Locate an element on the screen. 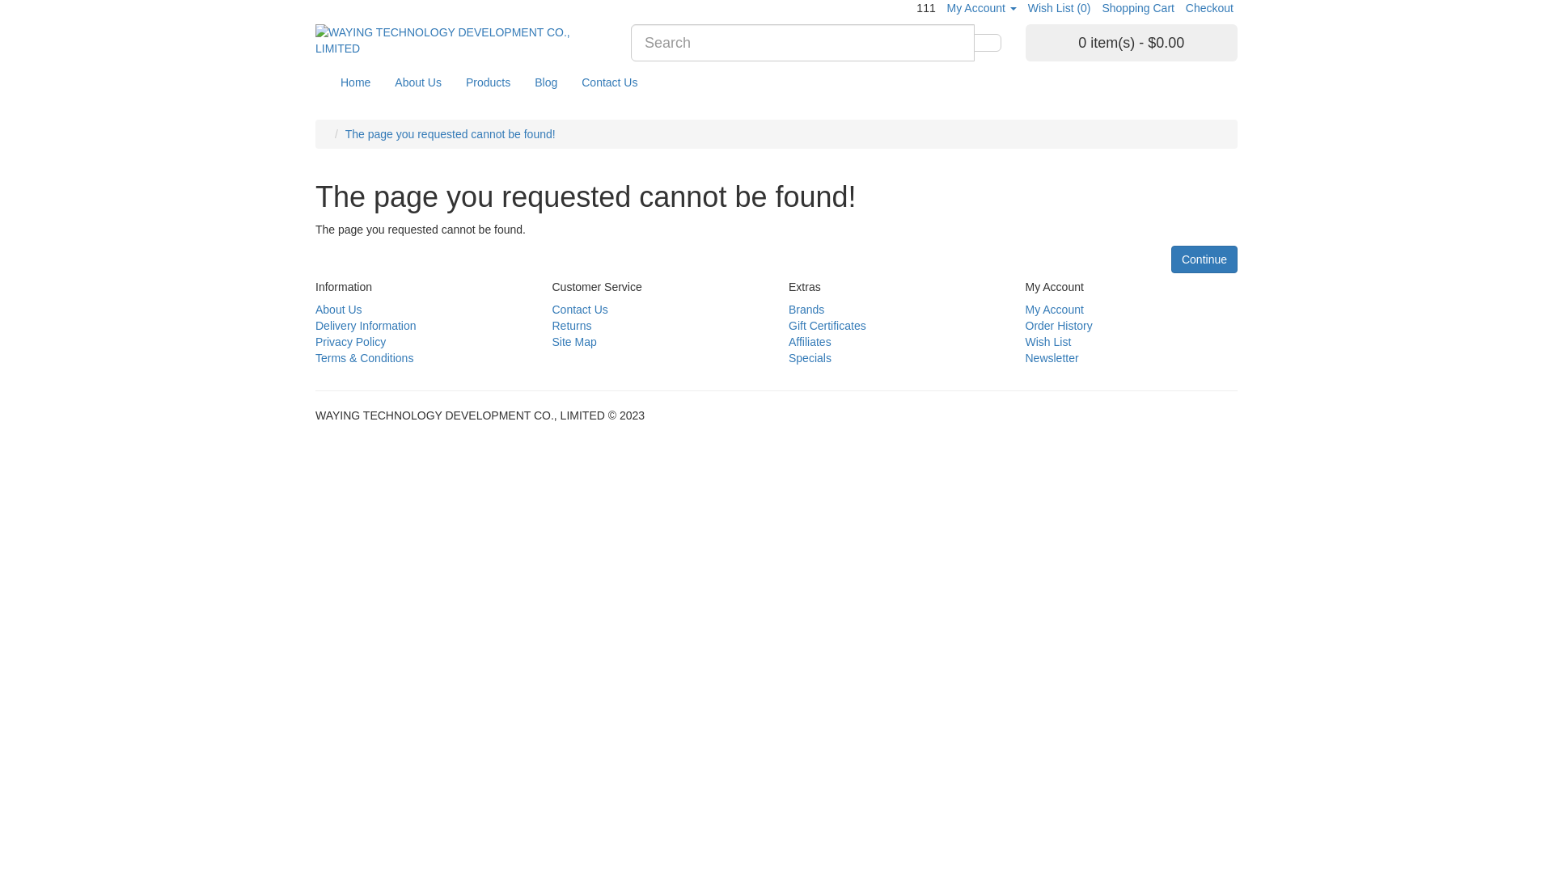 This screenshot has height=873, width=1553. 'Privacy Policy' is located at coordinates (349, 341).